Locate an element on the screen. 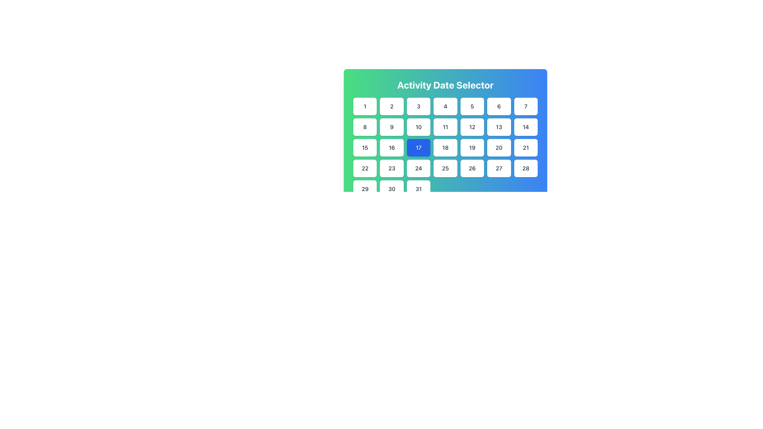  the button displaying the number '16' in the grid of the 'Activity Date Selector' is located at coordinates (392, 147).